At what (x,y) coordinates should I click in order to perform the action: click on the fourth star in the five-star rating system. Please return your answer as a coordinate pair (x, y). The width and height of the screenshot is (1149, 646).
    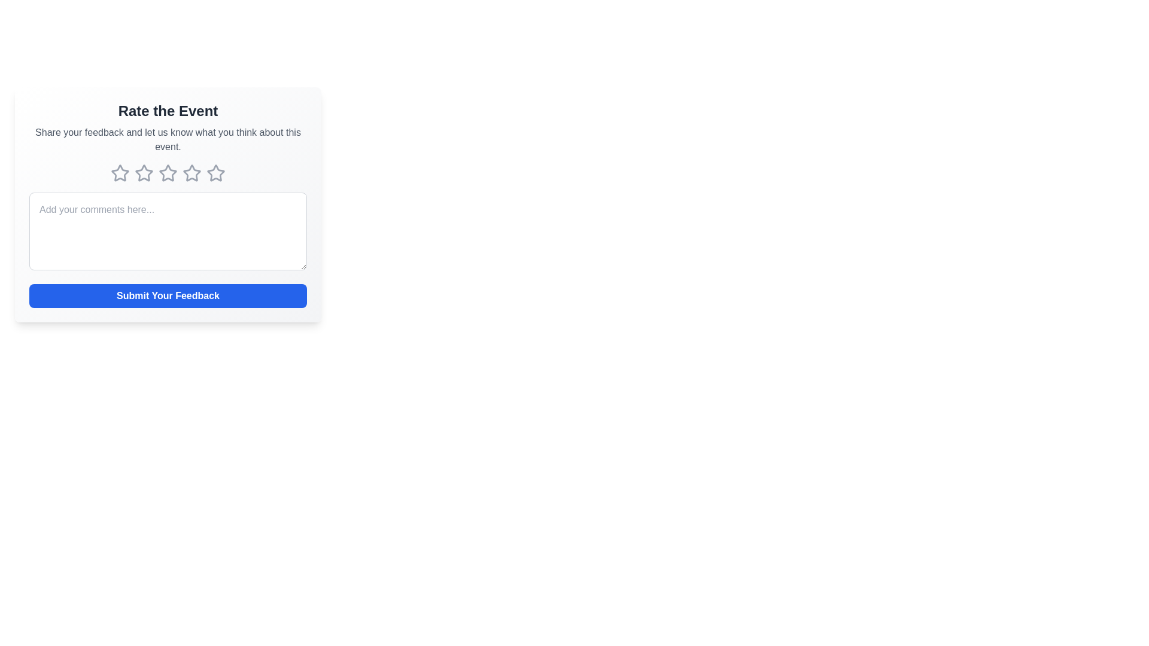
    Looking at the image, I should click on (192, 173).